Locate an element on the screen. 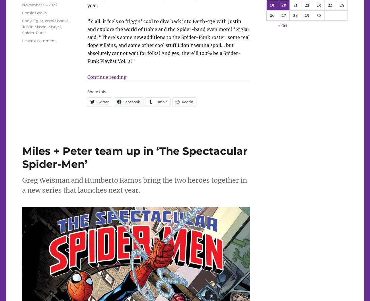 The height and width of the screenshot is (301, 370). 'Greg Weisman and Humberto Ramos bring the two heroes together in a new series that launches next year.' is located at coordinates (134, 185).